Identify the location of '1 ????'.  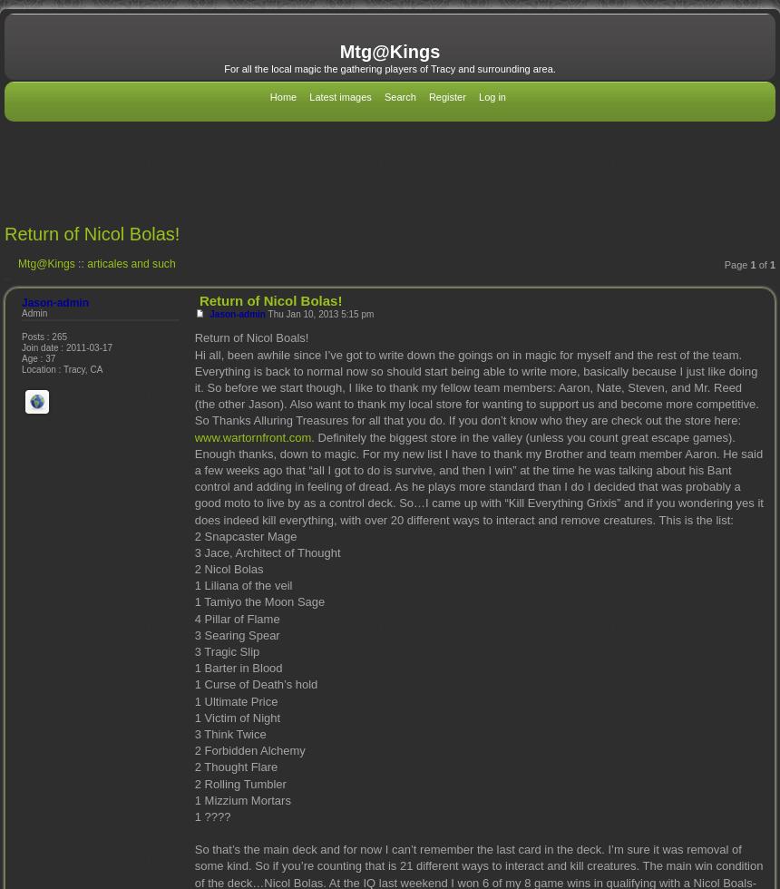
(212, 816).